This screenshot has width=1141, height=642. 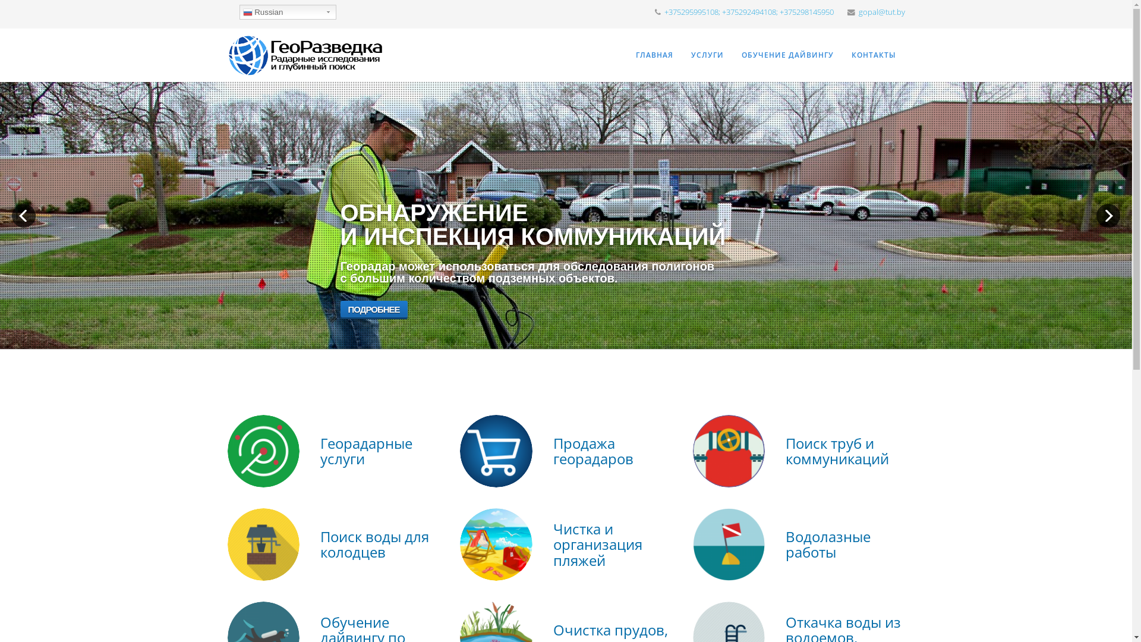 What do you see at coordinates (858, 12) in the screenshot?
I see `'gopal@tut.by'` at bounding box center [858, 12].